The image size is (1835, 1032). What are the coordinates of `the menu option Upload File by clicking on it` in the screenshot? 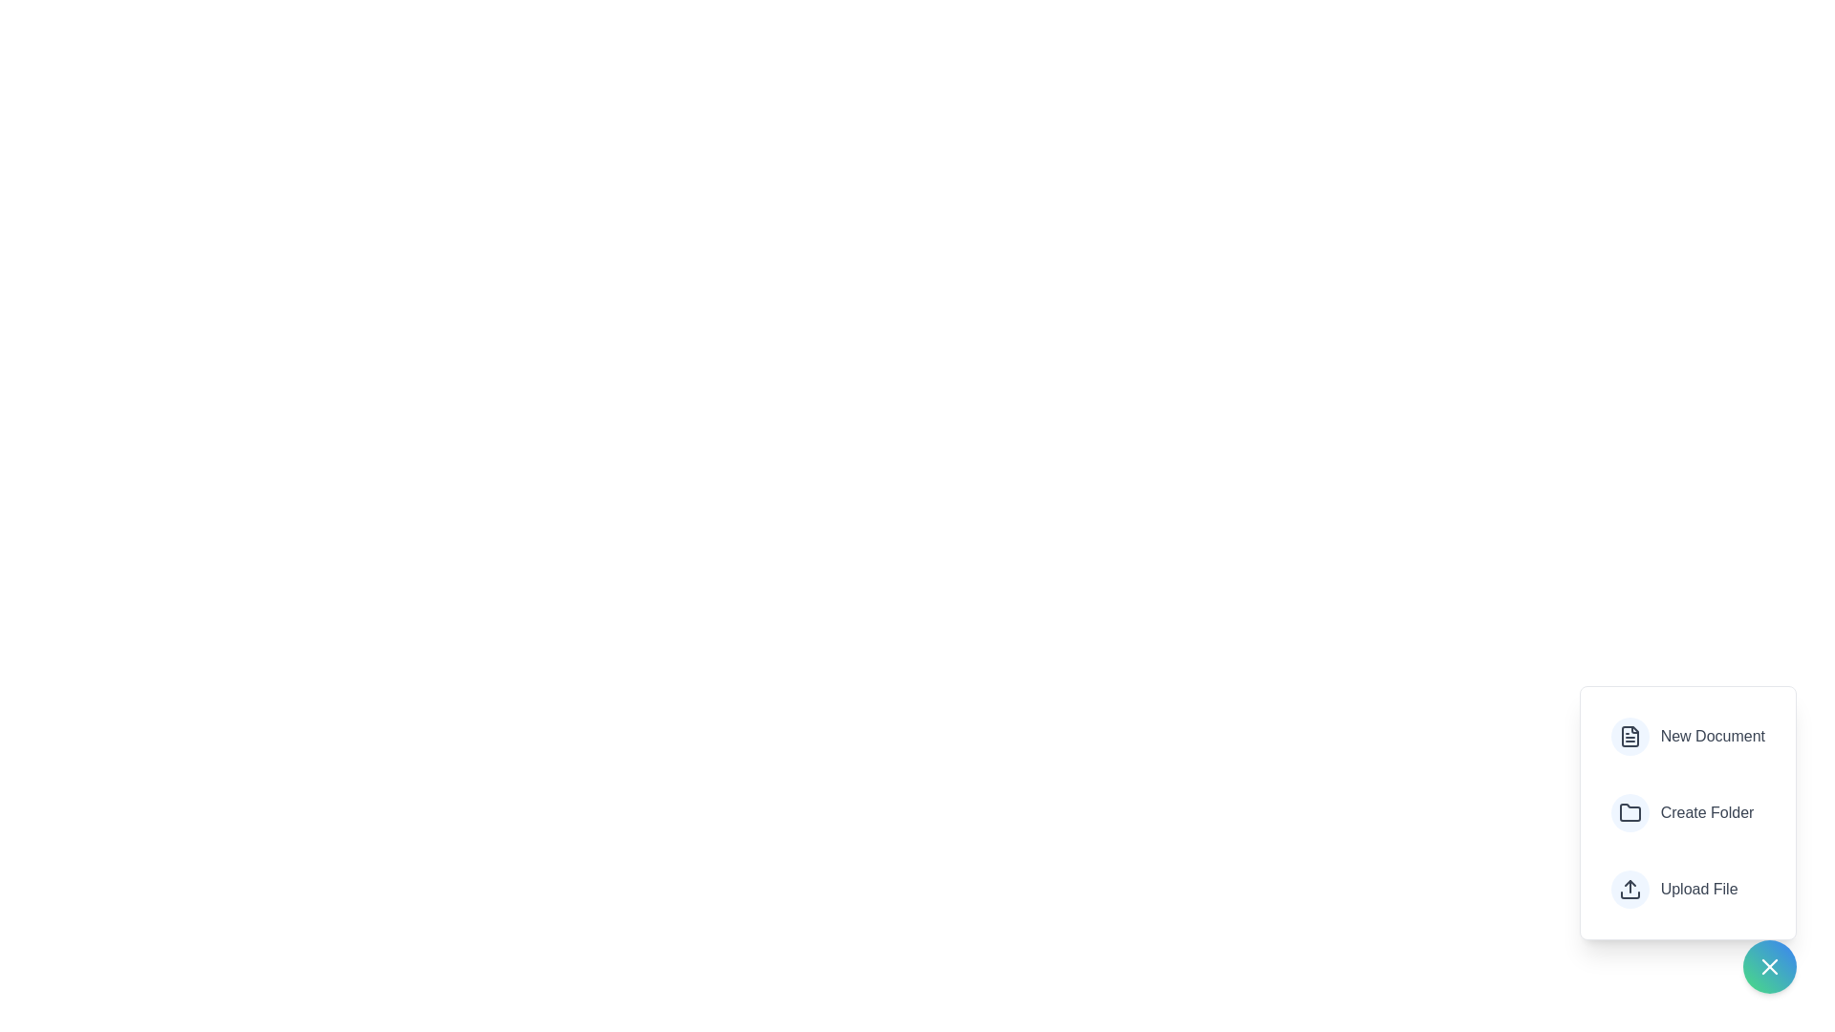 It's located at (1673, 889).